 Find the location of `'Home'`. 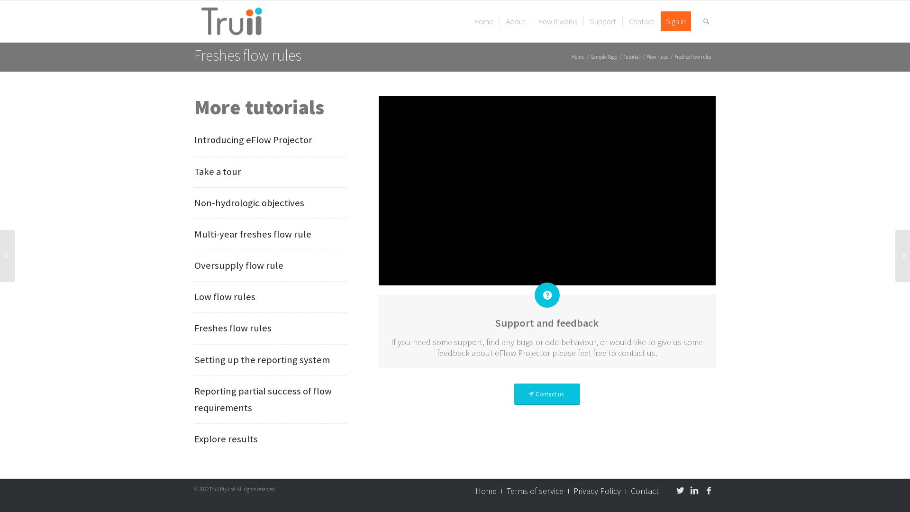

'Home' is located at coordinates (577, 57).